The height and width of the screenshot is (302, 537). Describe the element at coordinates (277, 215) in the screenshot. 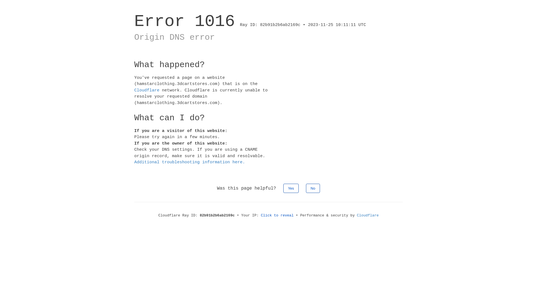

I see `'Click to reveal'` at that location.